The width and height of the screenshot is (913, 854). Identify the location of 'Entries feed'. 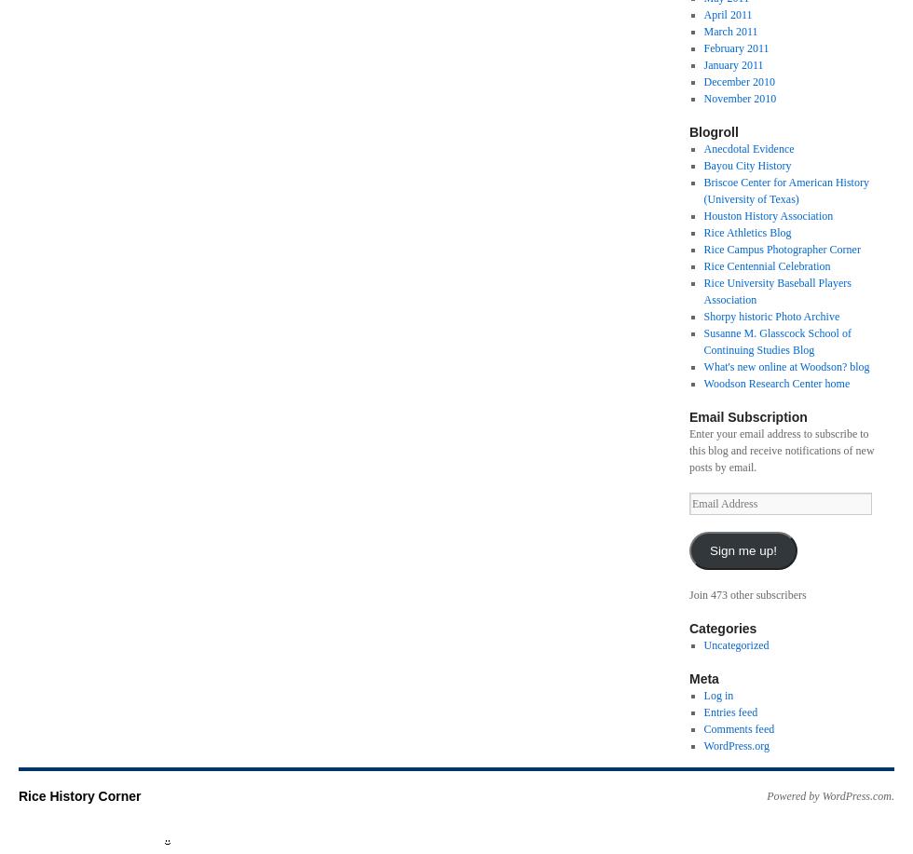
(730, 711).